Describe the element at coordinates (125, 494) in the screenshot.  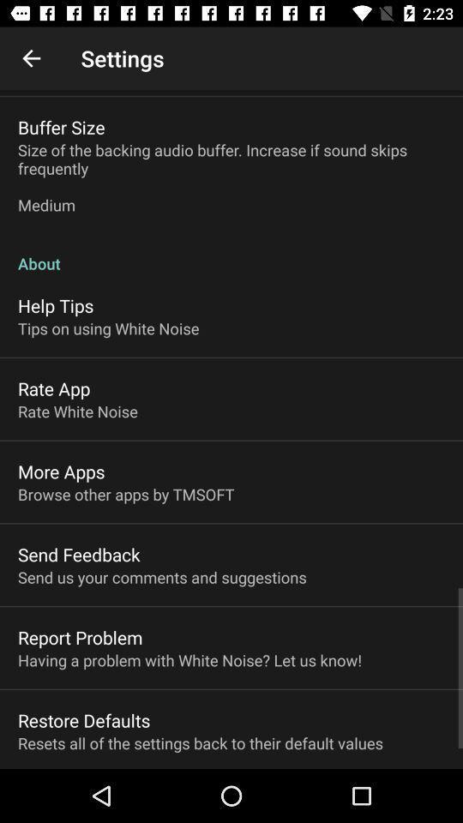
I see `browse other apps item` at that location.